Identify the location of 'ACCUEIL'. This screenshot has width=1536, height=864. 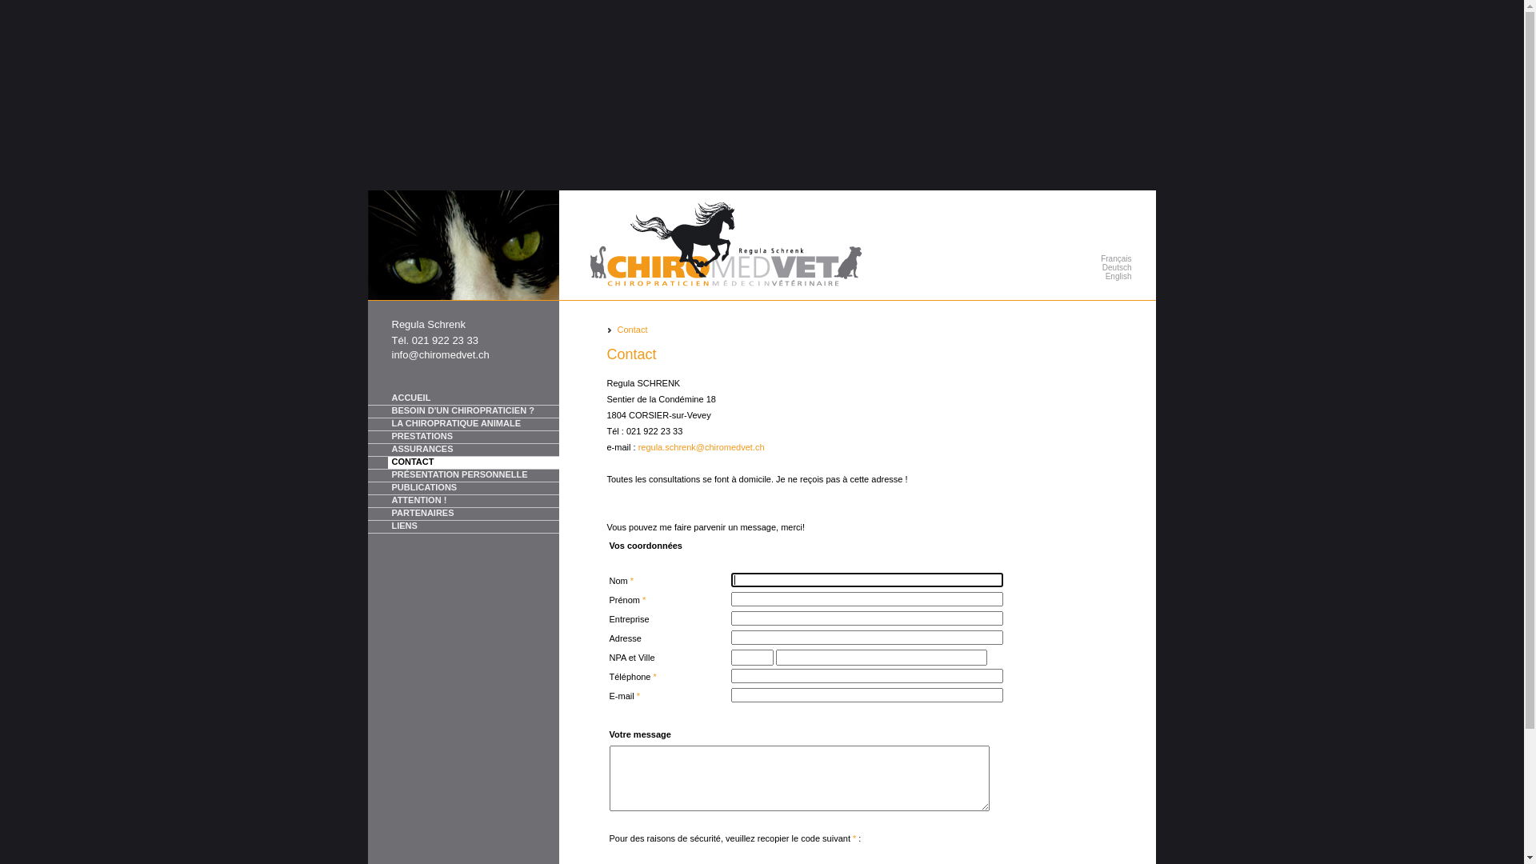
(462, 398).